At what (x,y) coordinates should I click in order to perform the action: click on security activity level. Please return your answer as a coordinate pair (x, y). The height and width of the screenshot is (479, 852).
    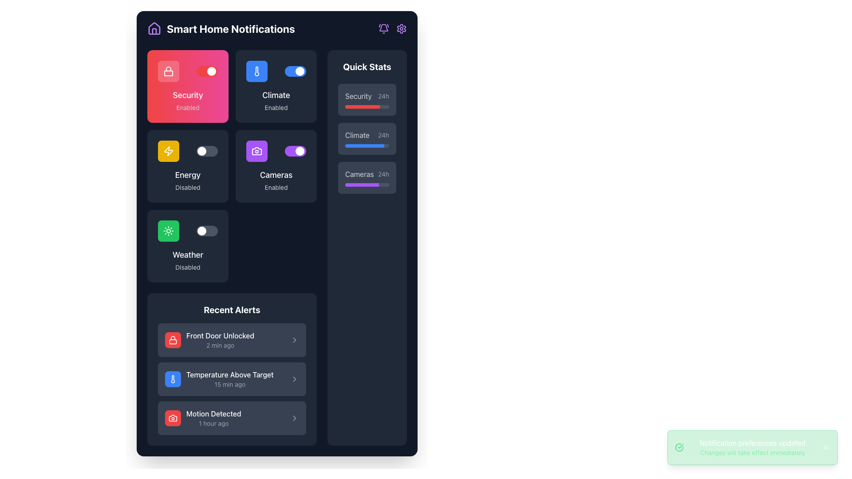
    Looking at the image, I should click on (366, 106).